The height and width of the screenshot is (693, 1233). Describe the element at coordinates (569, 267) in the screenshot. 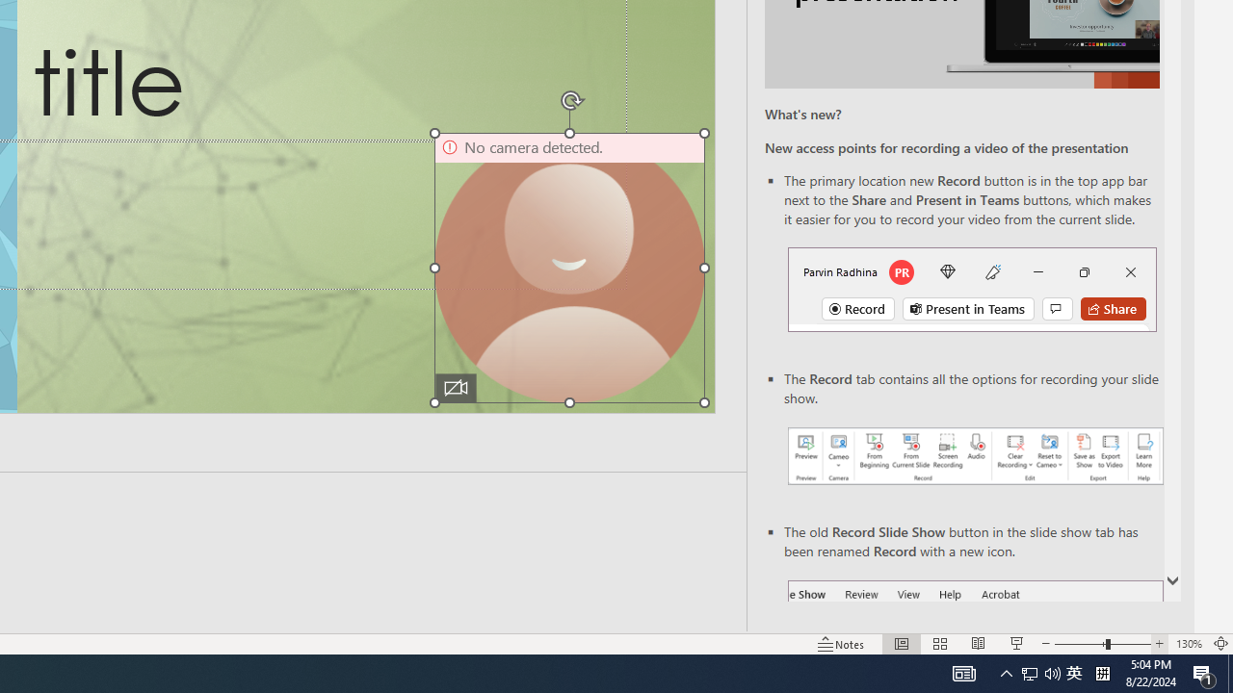

I see `'Camera 9, No camera detected.'` at that location.